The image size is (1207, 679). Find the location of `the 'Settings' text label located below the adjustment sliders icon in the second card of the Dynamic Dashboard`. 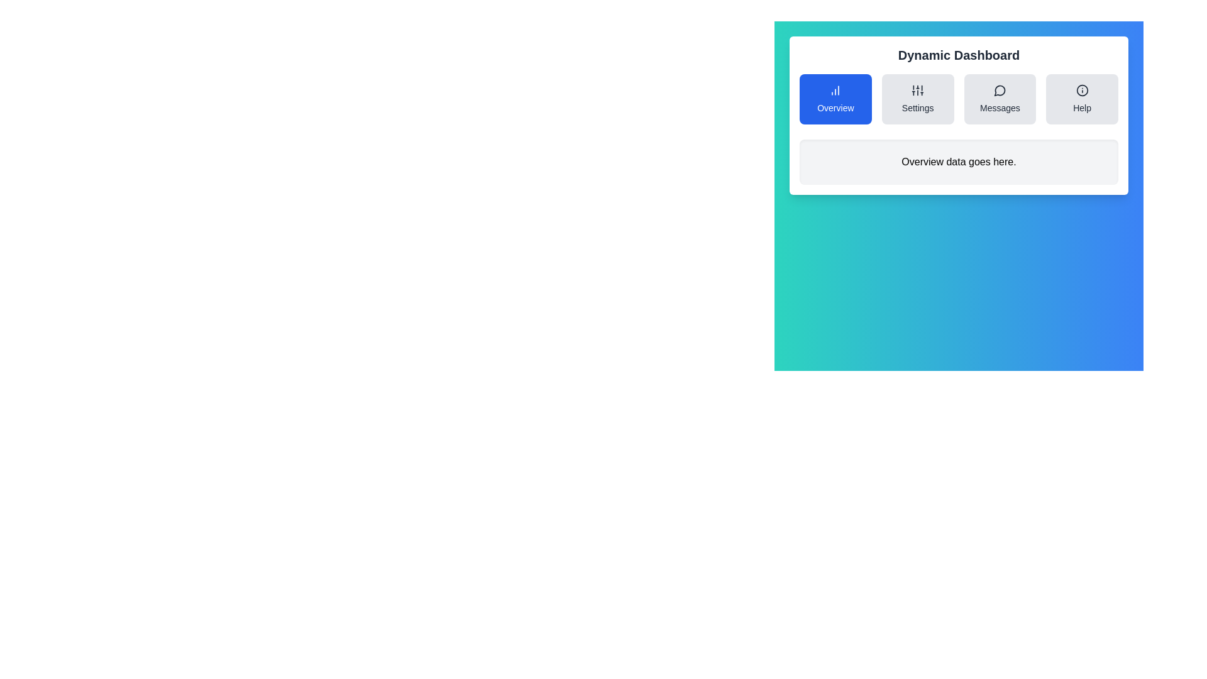

the 'Settings' text label located below the adjustment sliders icon in the second card of the Dynamic Dashboard is located at coordinates (918, 108).